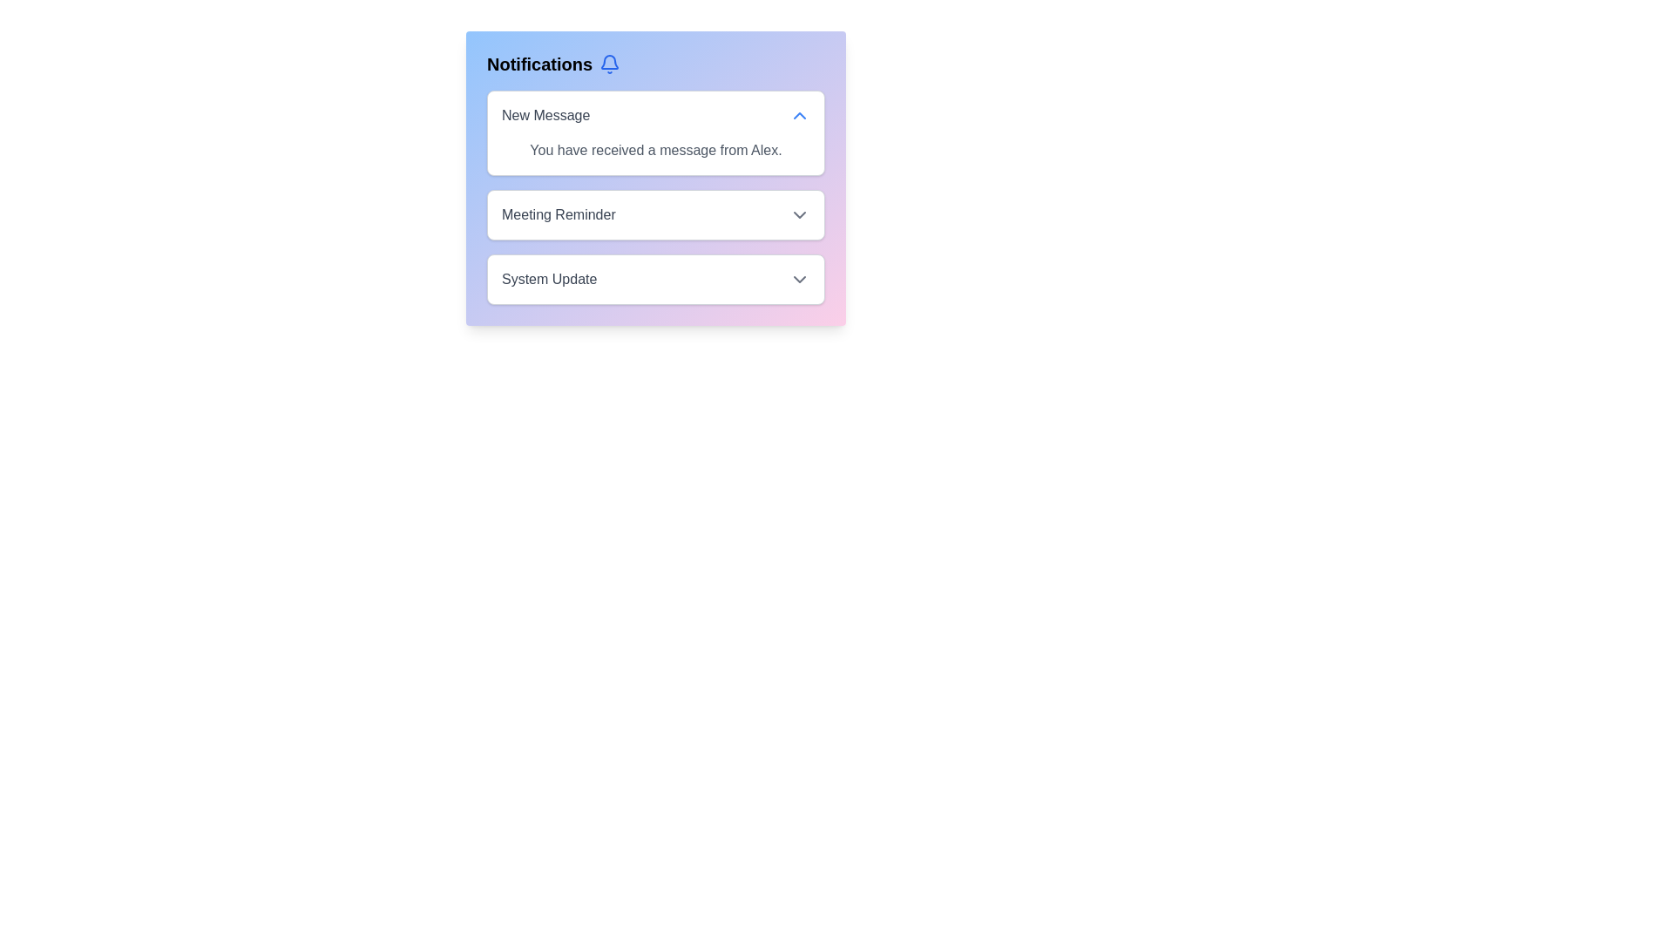  What do you see at coordinates (610, 63) in the screenshot?
I see `the blue bell-shaped icon located to the right of the 'Notifications' heading` at bounding box center [610, 63].